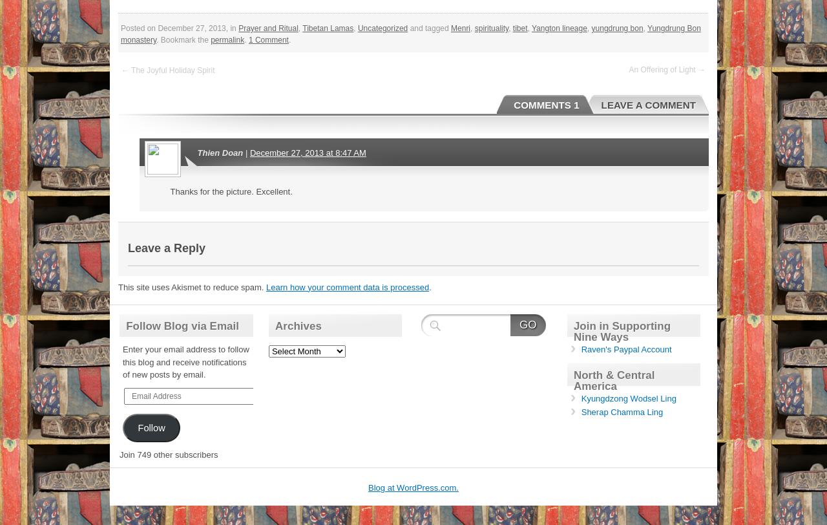 This screenshot has width=827, height=525. What do you see at coordinates (227, 40) in the screenshot?
I see `'permalink'` at bounding box center [227, 40].